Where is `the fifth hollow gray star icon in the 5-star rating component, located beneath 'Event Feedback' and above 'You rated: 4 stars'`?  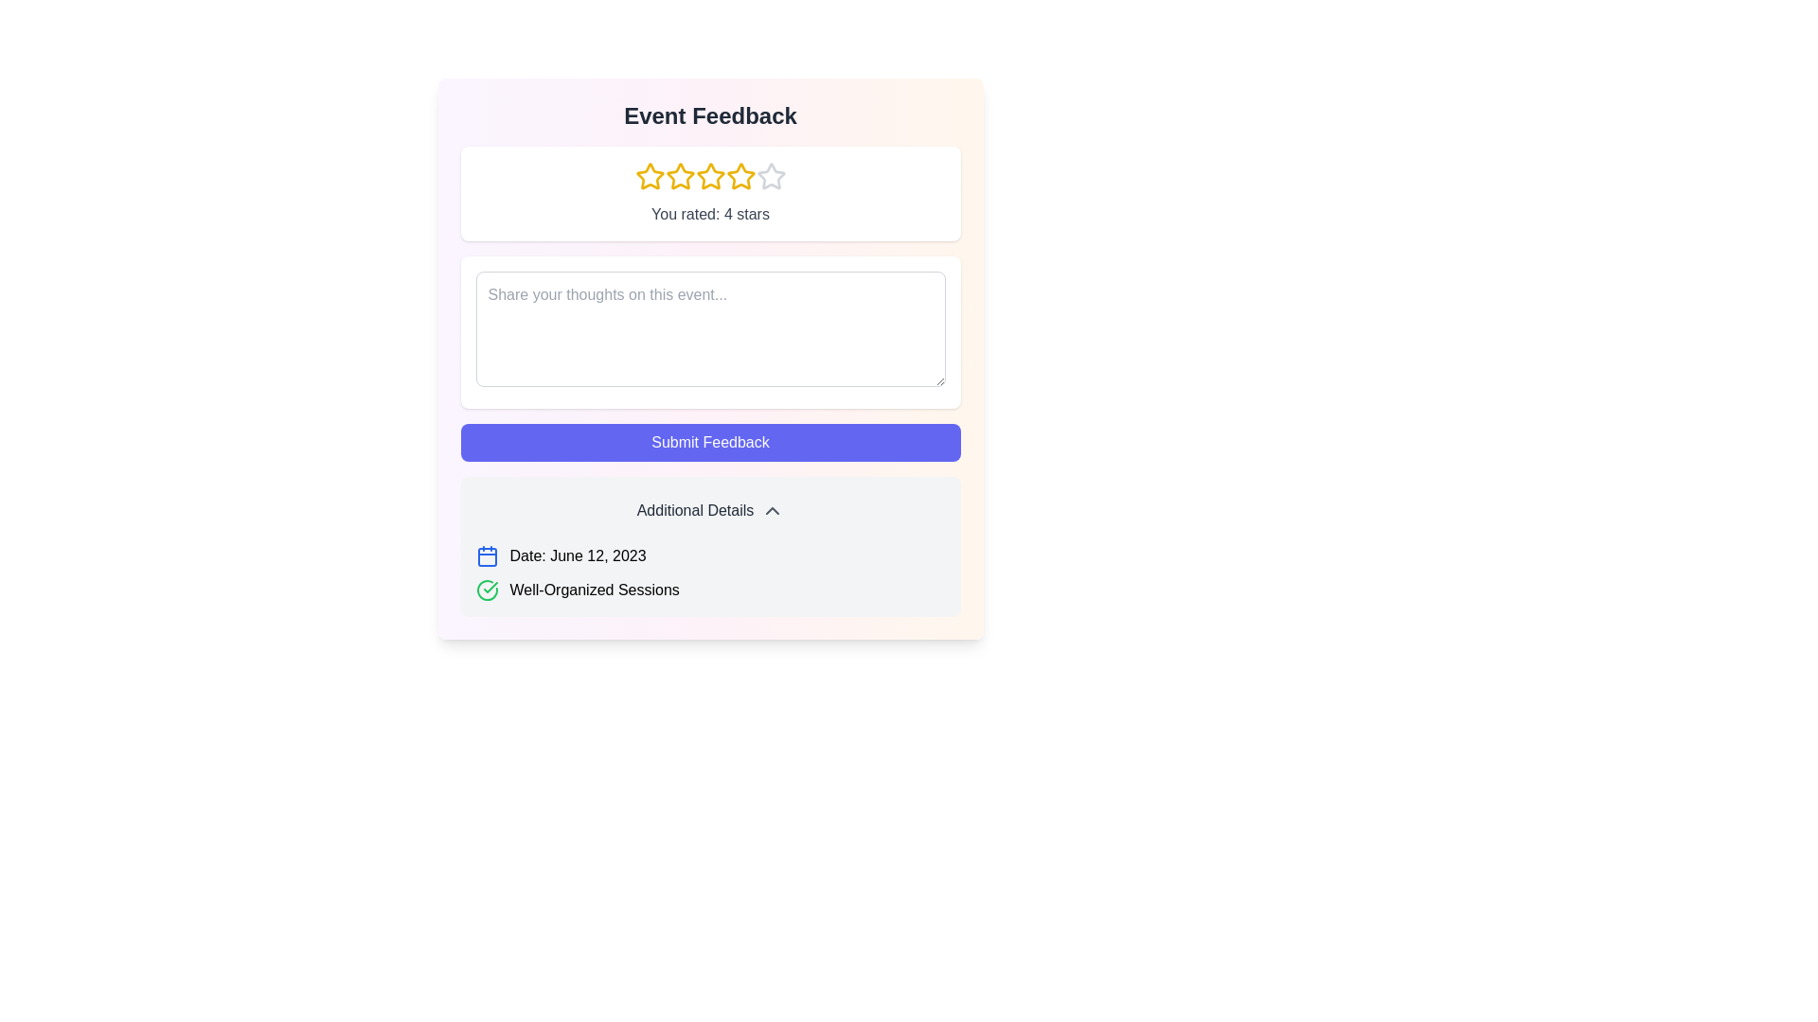 the fifth hollow gray star icon in the 5-star rating component, located beneath 'Event Feedback' and above 'You rated: 4 stars' is located at coordinates (771, 176).